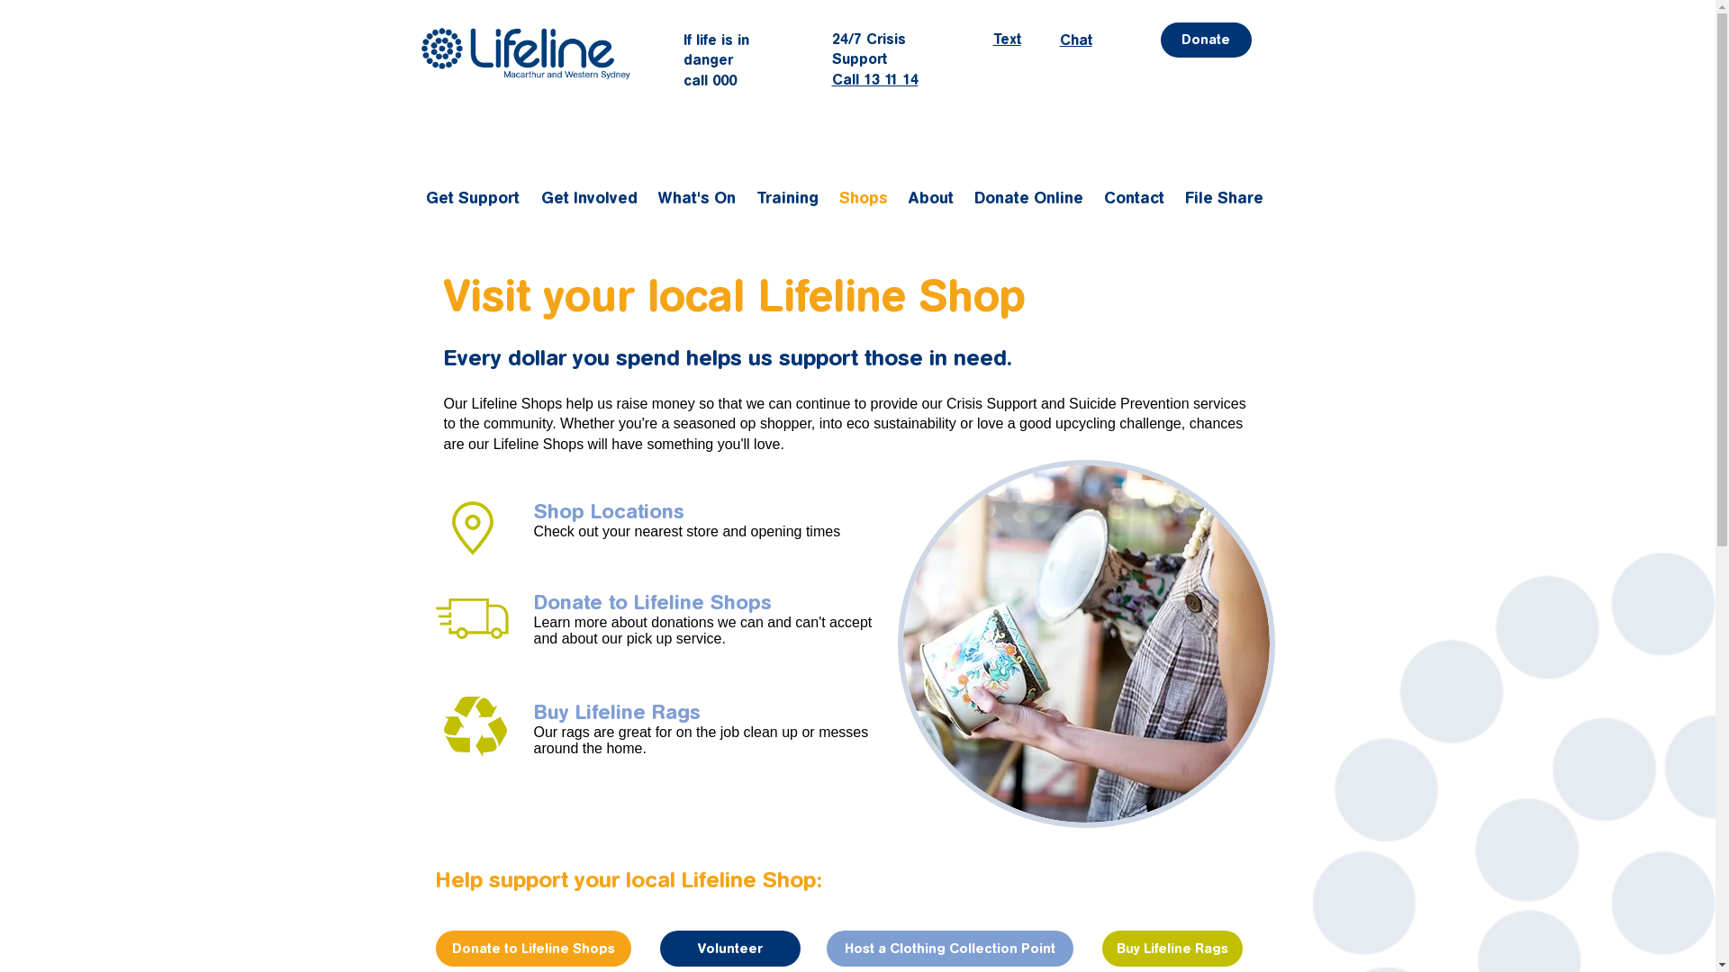 This screenshot has width=1729, height=972. What do you see at coordinates (696, 197) in the screenshot?
I see `'What's On'` at bounding box center [696, 197].